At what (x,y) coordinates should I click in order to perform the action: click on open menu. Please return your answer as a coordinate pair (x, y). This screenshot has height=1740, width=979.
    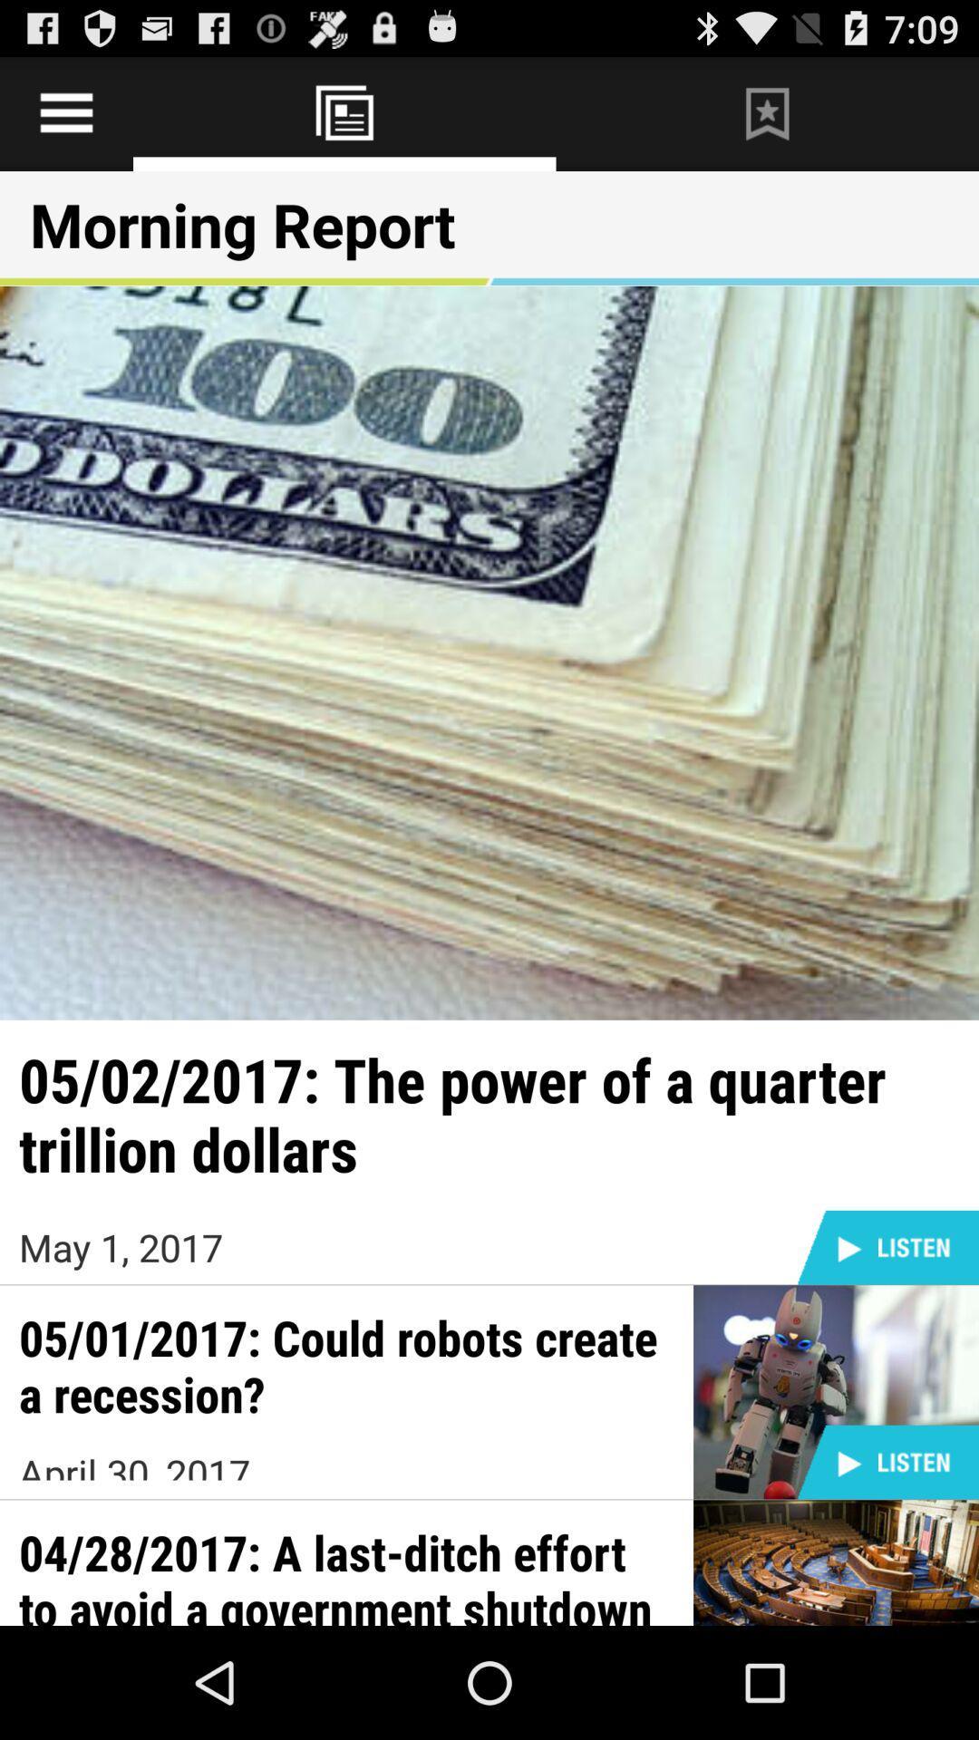
    Looking at the image, I should click on (65, 112).